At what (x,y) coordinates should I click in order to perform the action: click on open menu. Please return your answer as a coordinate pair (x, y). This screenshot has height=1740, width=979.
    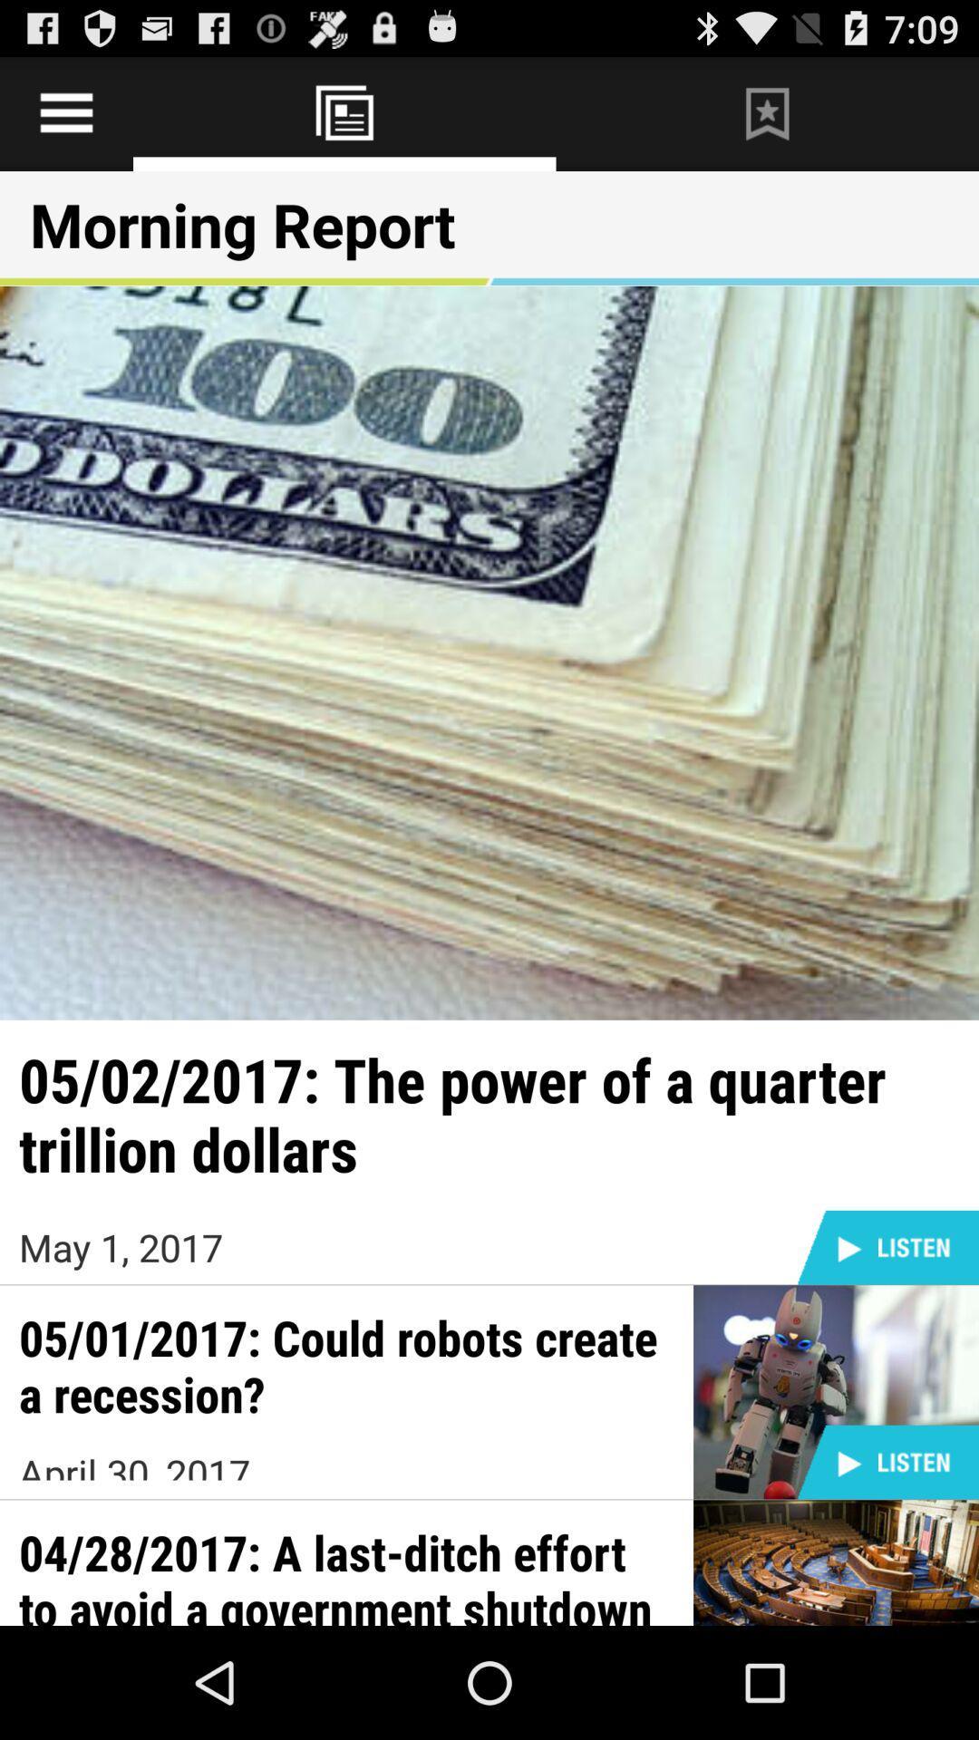
    Looking at the image, I should click on (65, 112).